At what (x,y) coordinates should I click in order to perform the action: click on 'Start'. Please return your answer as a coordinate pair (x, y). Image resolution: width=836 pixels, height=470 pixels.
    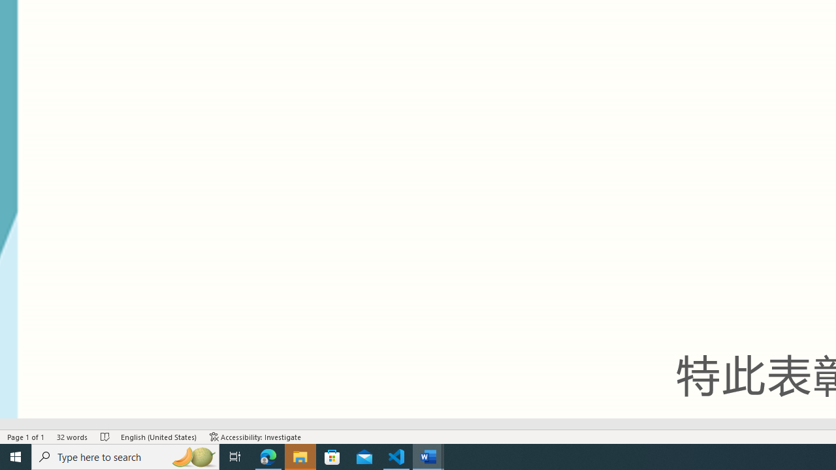
    Looking at the image, I should click on (16, 456).